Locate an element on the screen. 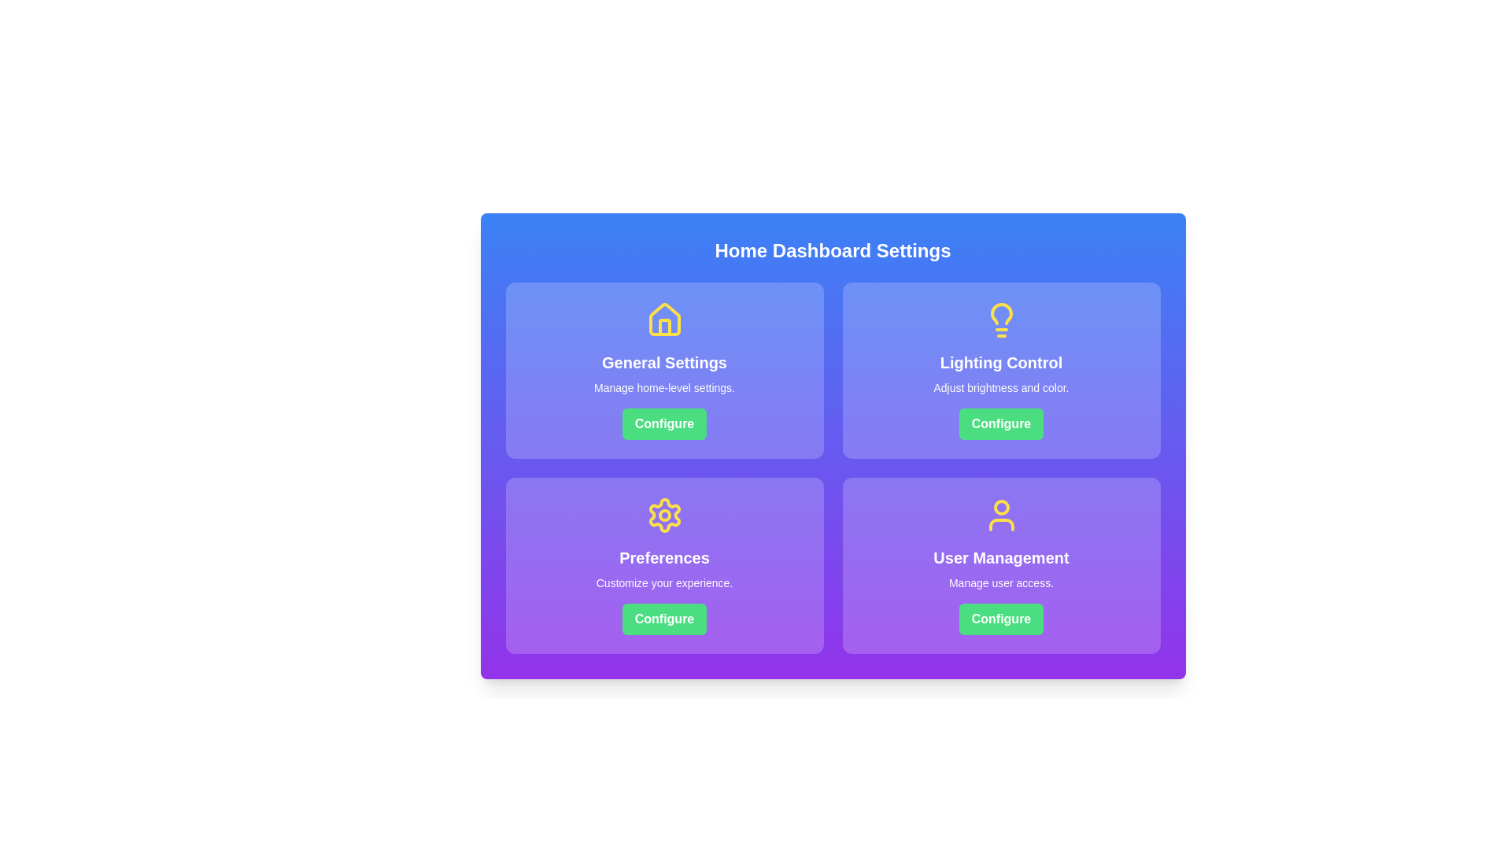 This screenshot has width=1511, height=850. the icon corresponding to User Management is located at coordinates (1000, 516).